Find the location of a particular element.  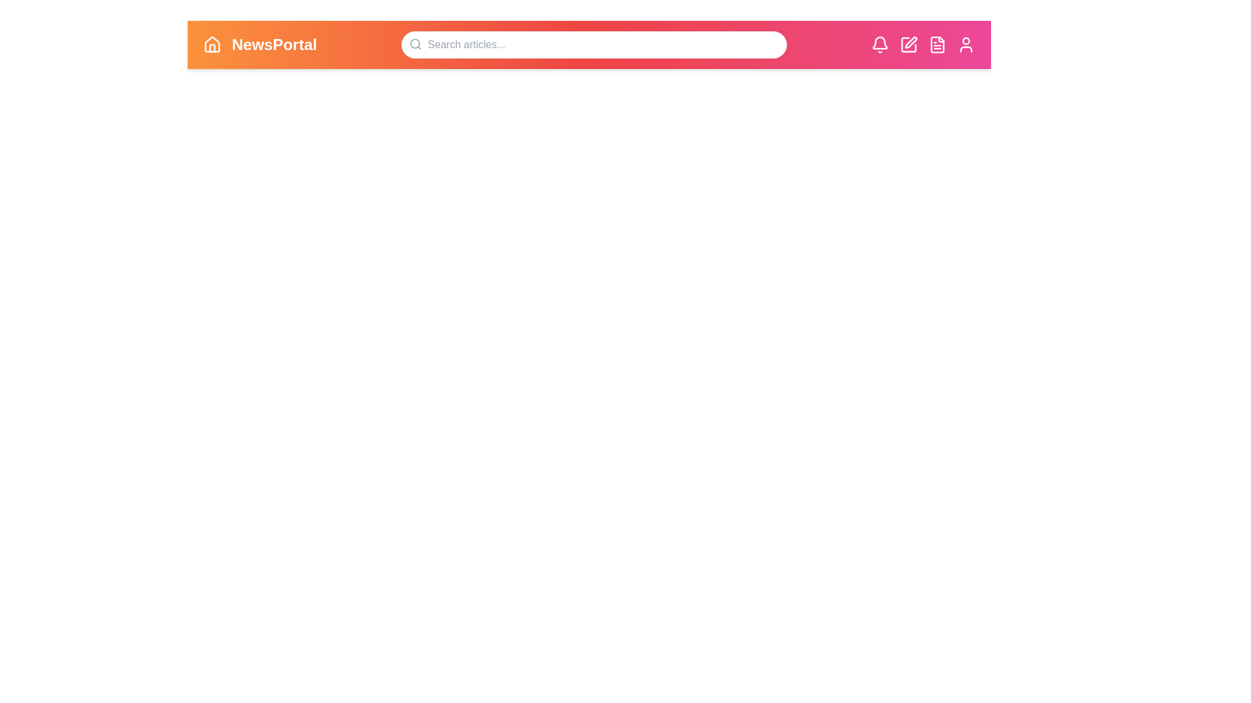

the 'Home' icon to navigate to the homepage is located at coordinates (212, 44).